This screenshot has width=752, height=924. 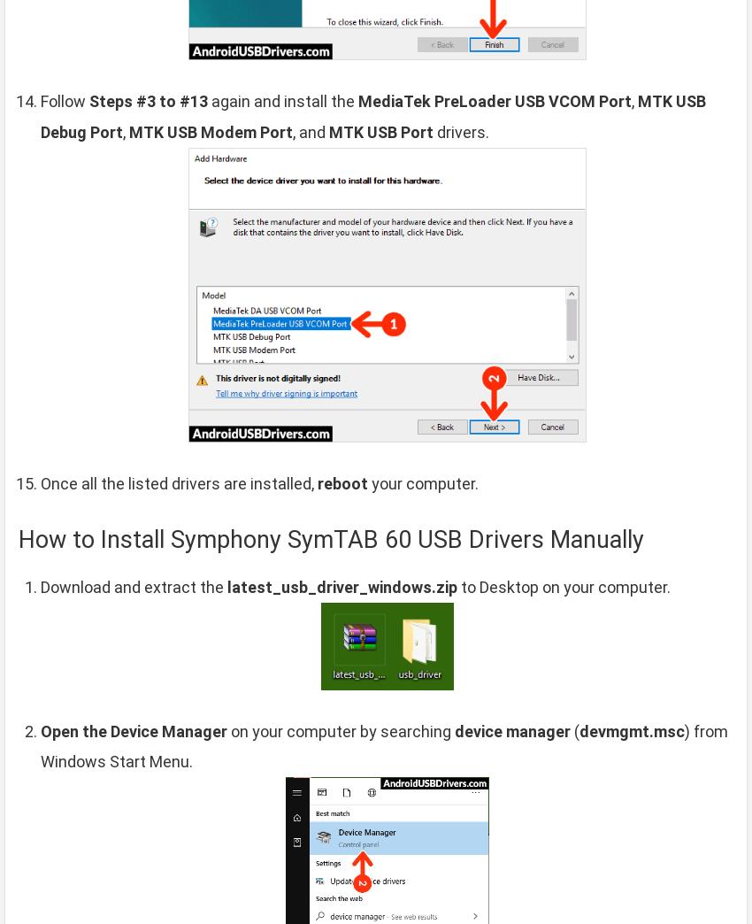 What do you see at coordinates (512, 729) in the screenshot?
I see `'device manager'` at bounding box center [512, 729].